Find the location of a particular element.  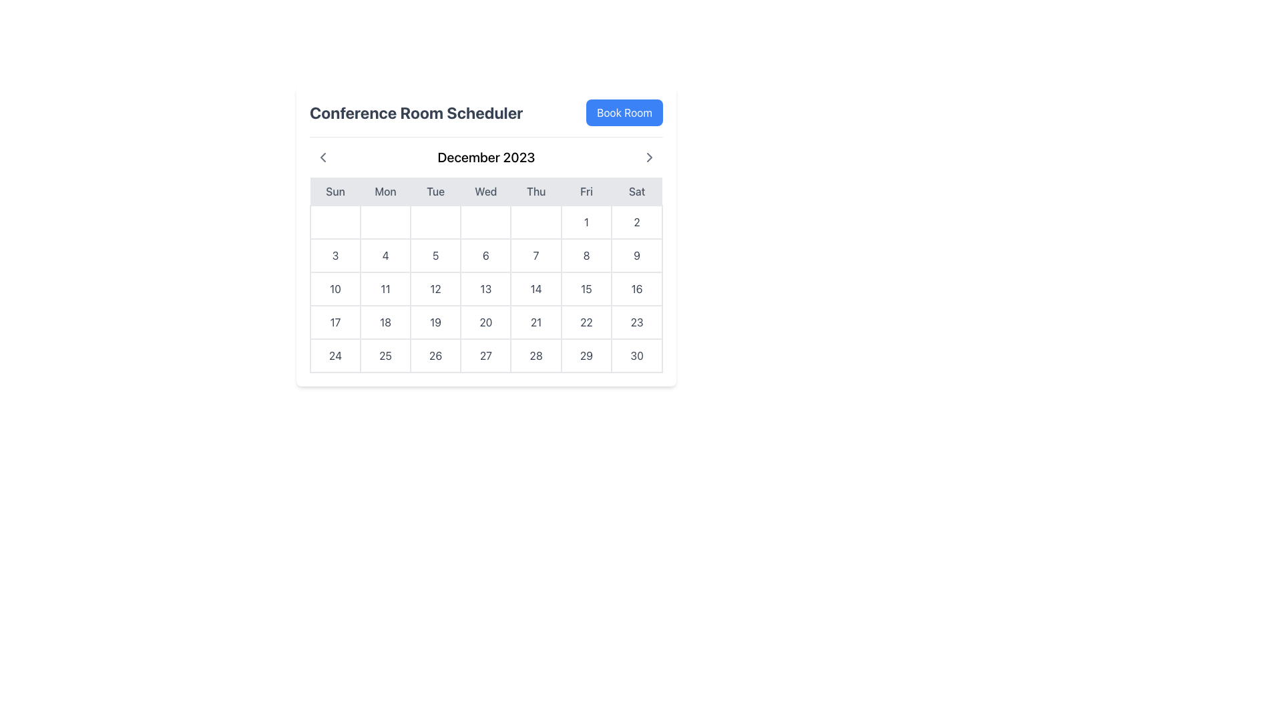

the button representing the 28th day of December 2023 in the calendar is located at coordinates (536, 354).